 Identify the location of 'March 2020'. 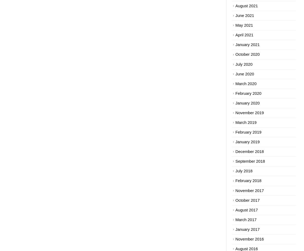
(245, 83).